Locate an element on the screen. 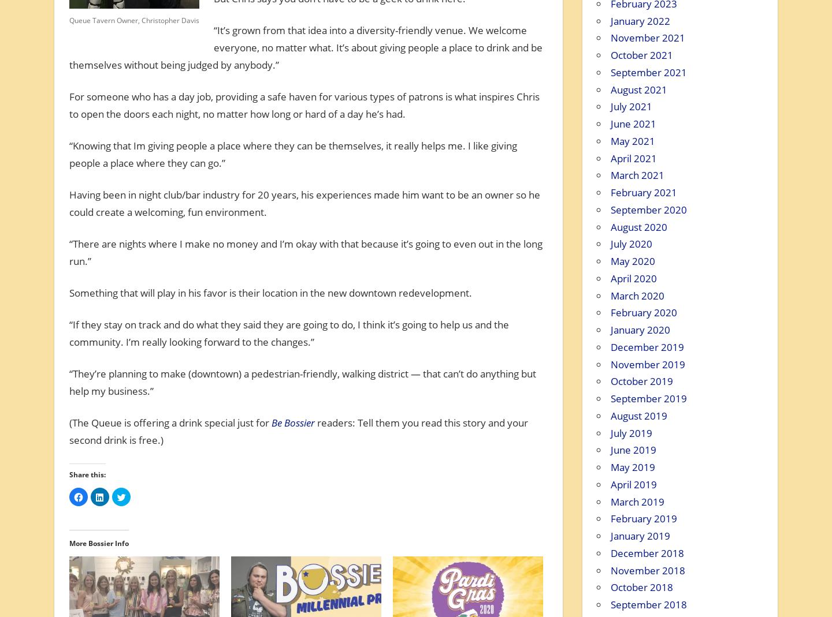 The height and width of the screenshot is (617, 832). 'September 2018' is located at coordinates (610, 604).